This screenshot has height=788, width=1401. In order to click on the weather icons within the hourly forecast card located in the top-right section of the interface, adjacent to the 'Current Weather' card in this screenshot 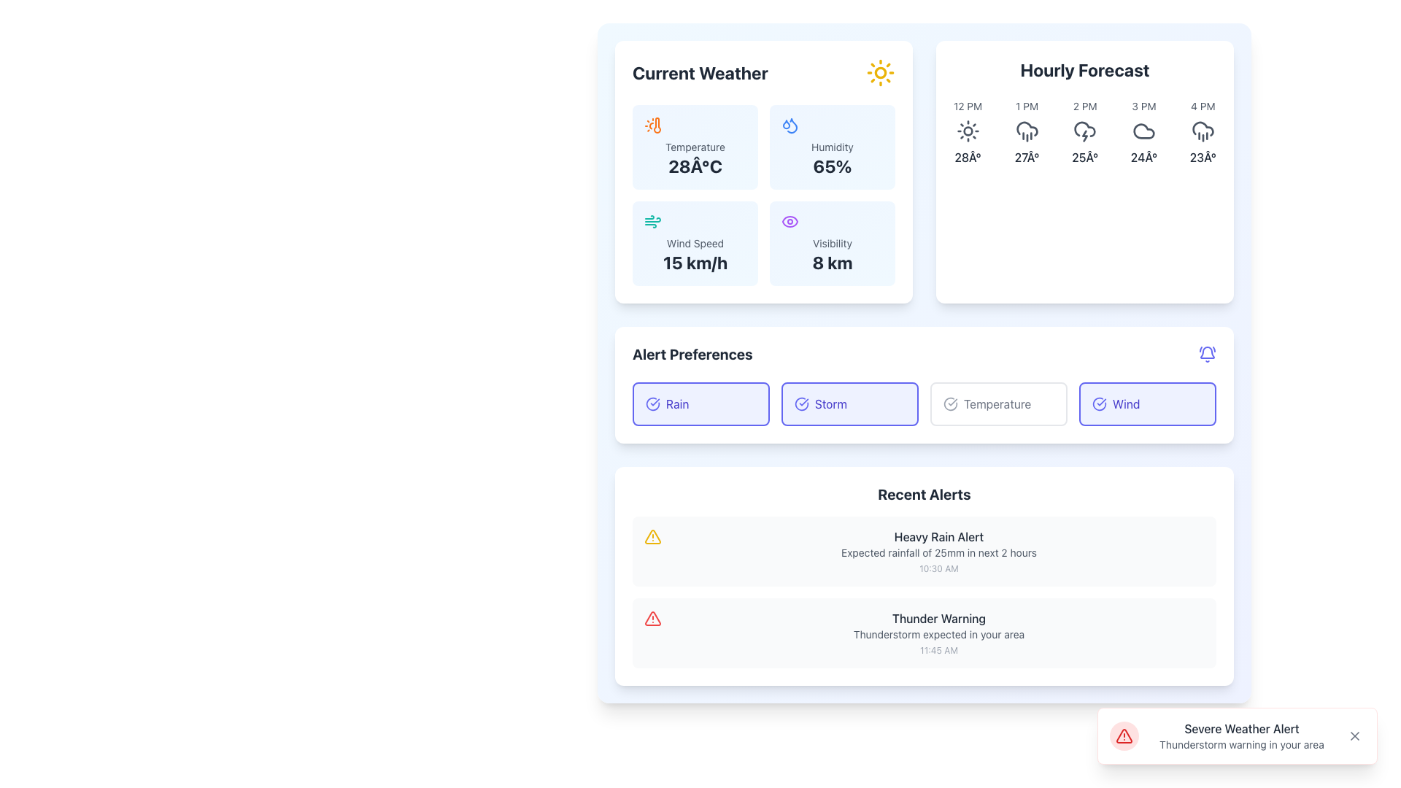, I will do `click(1085, 171)`.